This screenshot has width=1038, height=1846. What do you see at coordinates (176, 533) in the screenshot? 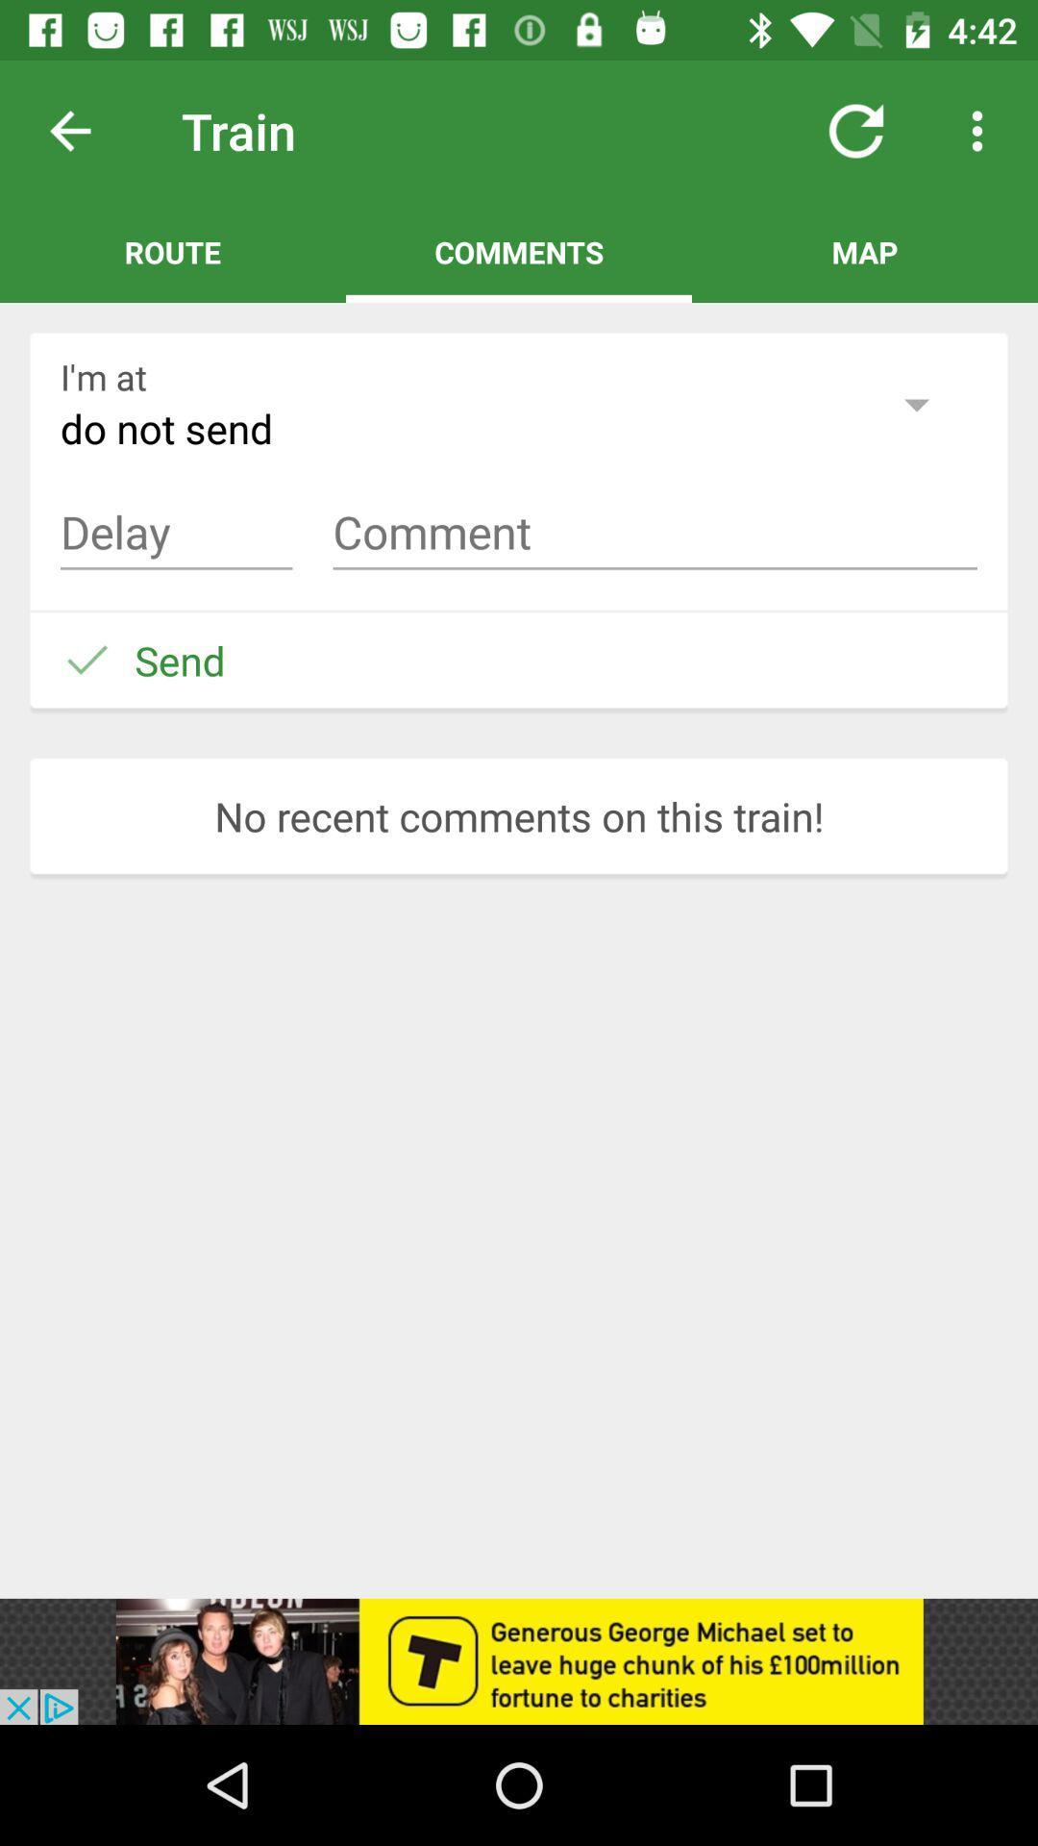
I see `a delay time` at bounding box center [176, 533].